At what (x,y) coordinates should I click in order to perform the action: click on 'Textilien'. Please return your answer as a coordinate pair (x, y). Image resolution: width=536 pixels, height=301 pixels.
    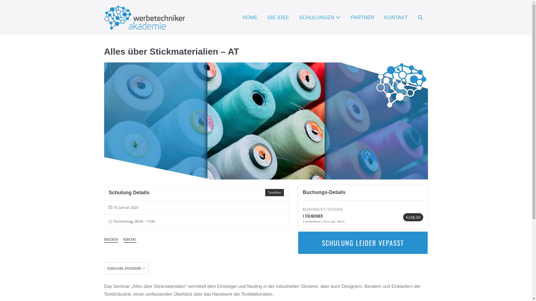
    Looking at the image, I should click on (274, 192).